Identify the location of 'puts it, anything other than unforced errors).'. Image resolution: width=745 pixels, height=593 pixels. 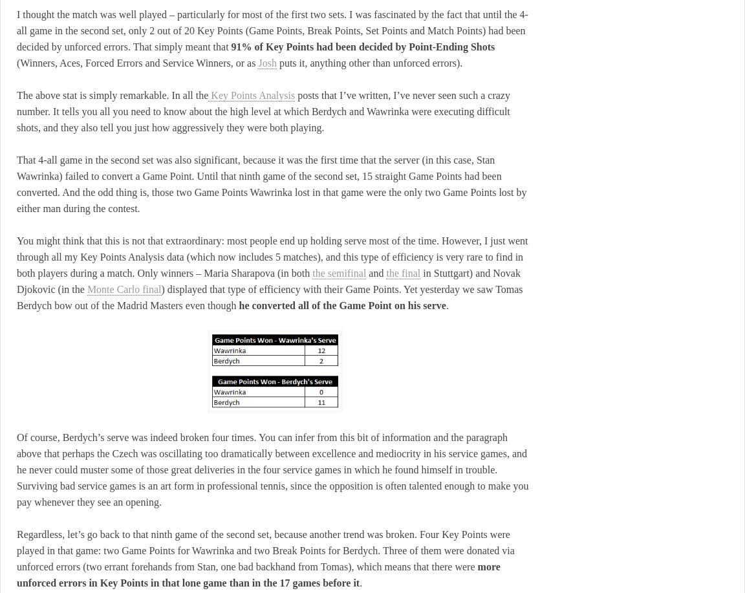
(369, 62).